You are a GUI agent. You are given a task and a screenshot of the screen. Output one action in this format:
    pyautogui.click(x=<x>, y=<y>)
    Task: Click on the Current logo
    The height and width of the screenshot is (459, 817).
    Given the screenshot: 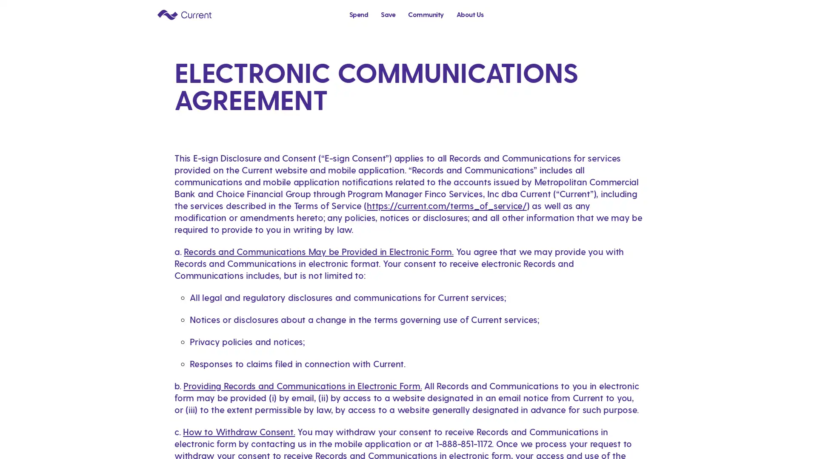 What is the action you would take?
    pyautogui.click(x=184, y=14)
    